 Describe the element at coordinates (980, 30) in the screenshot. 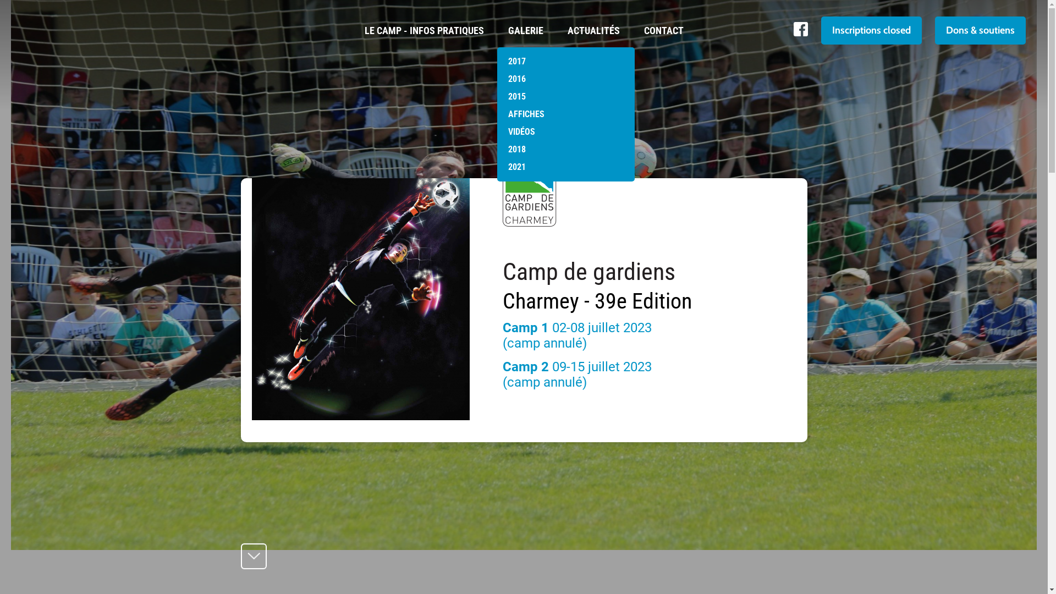

I see `'Dons & soutiens'` at that location.